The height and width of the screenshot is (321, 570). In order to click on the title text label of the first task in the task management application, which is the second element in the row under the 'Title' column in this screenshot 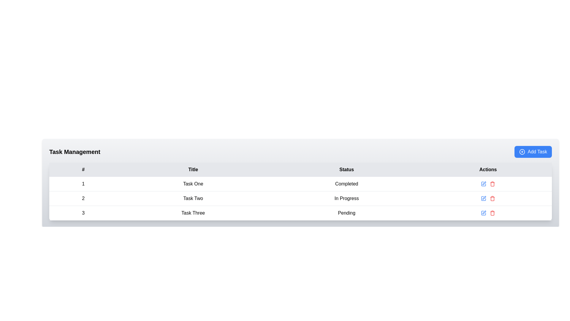, I will do `click(193, 184)`.